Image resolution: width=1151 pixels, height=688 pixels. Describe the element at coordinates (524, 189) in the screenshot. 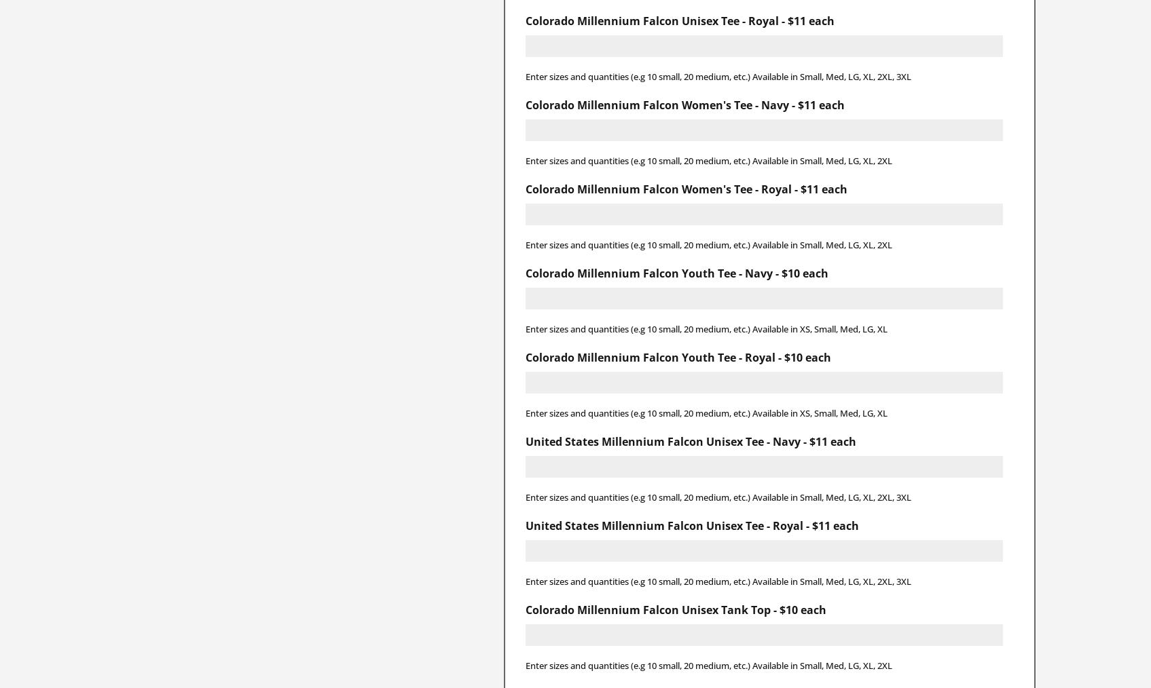

I see `'Colorado Millennium Falcon Women's Tee - Royal - $11 each'` at that location.